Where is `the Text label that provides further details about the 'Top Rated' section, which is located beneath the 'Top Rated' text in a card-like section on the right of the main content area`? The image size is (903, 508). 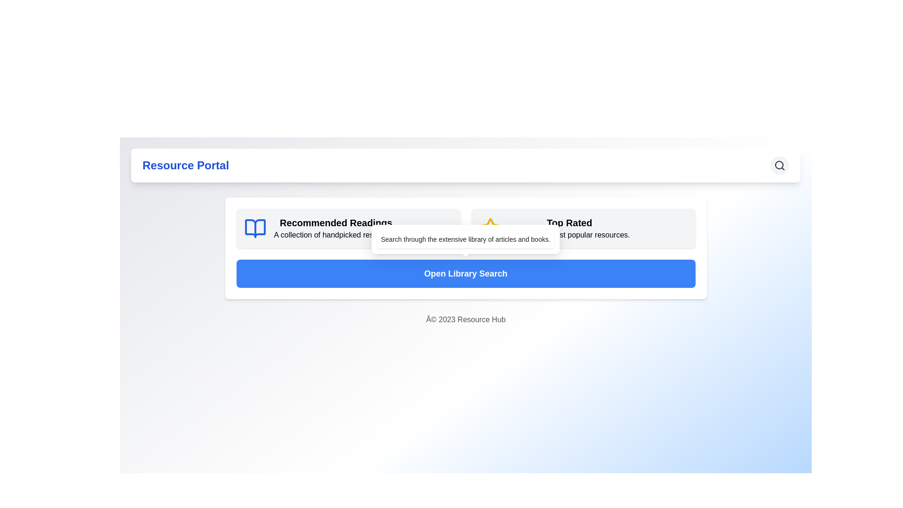
the Text label that provides further details about the 'Top Rated' section, which is located beneath the 'Top Rated' text in a card-like section on the right of the main content area is located at coordinates (569, 235).